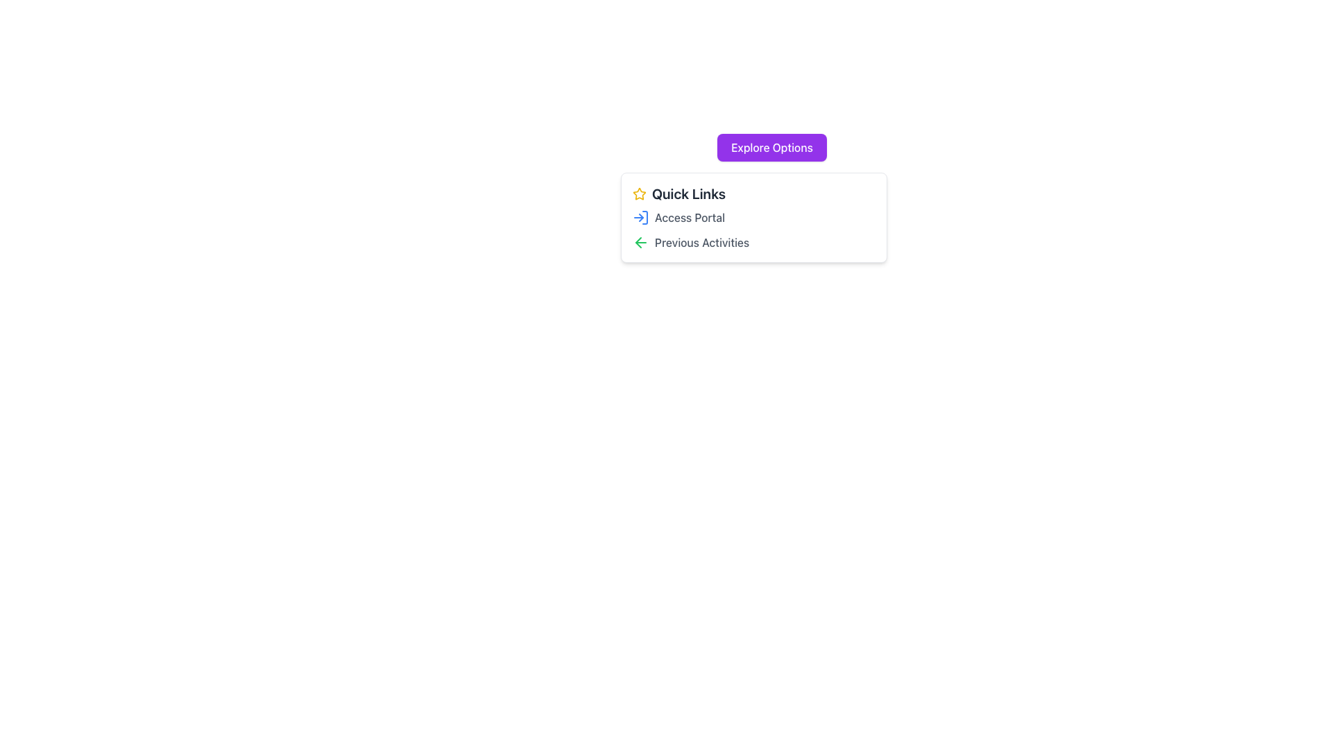  What do you see at coordinates (771, 147) in the screenshot?
I see `the button labeled 'Explore Options' with white text on a purple background to observe its interactive visual effects` at bounding box center [771, 147].